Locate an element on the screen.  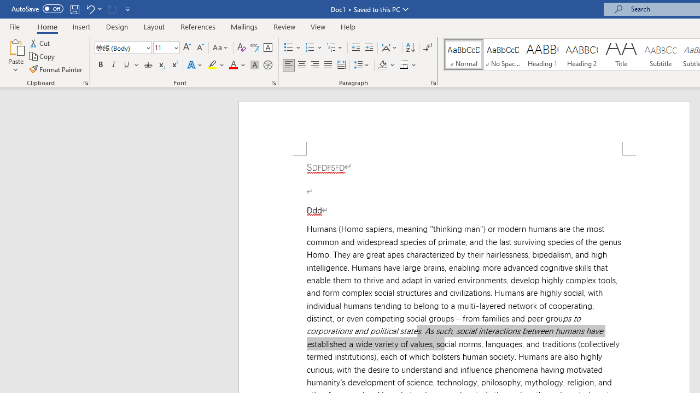
'Paragraph...' is located at coordinates (433, 82).